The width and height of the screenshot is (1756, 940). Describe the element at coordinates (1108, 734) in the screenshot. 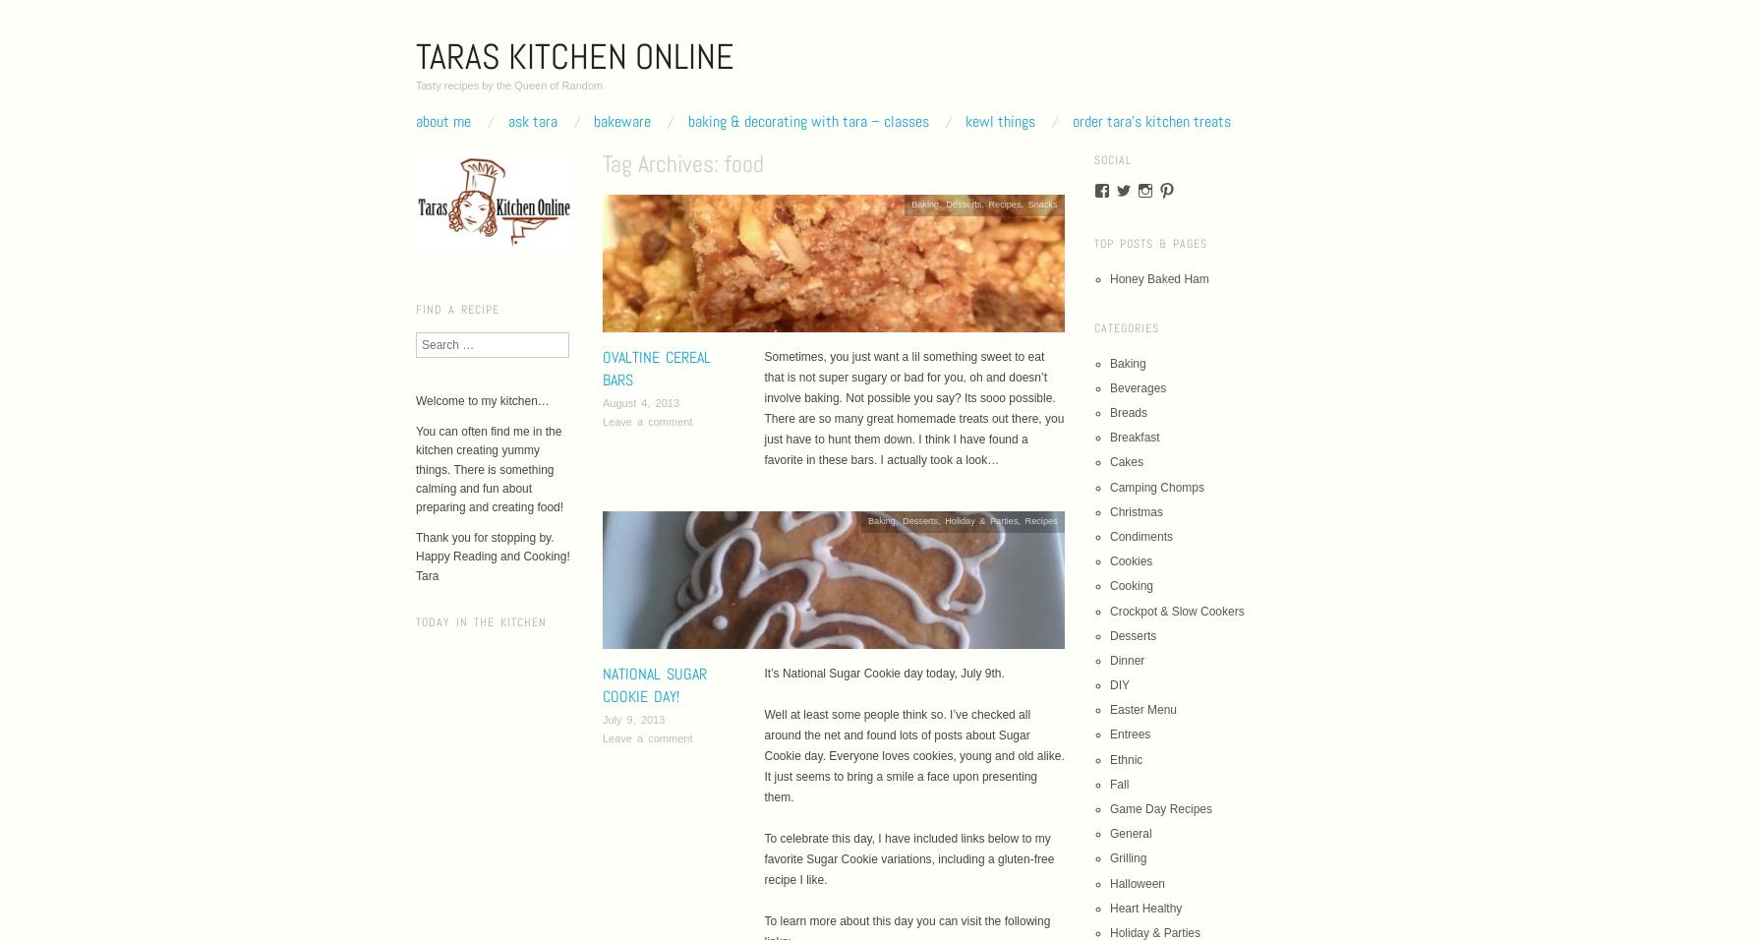

I see `'Entrees'` at that location.